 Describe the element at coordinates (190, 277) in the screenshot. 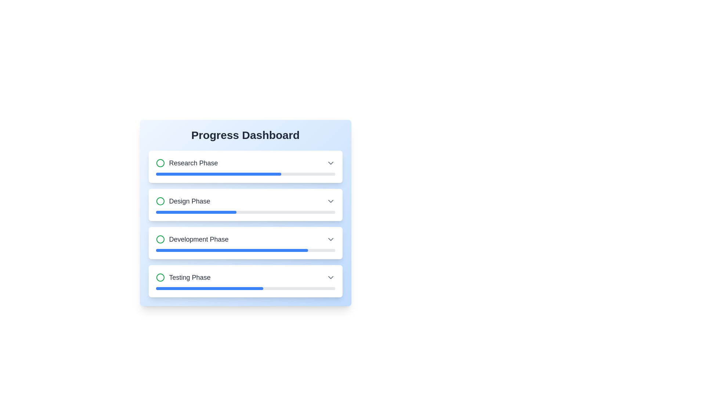

I see `the text label that reads 'Testing Phase', which is located on the bottom-most row of the progress cards` at that location.